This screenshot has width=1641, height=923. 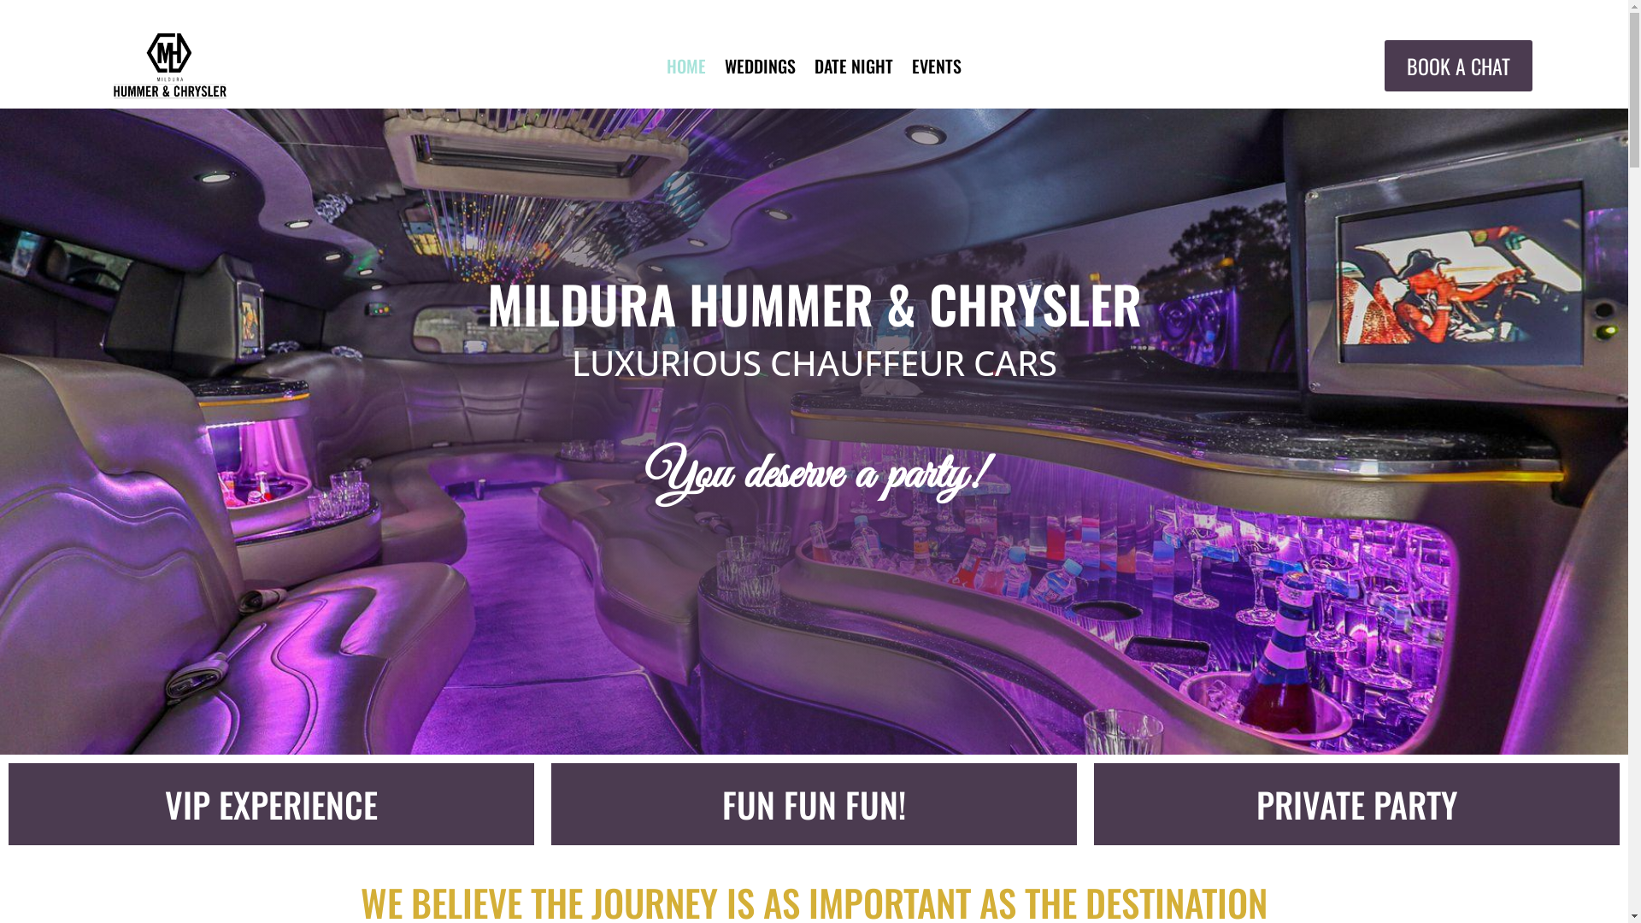 What do you see at coordinates (853, 68) in the screenshot?
I see `'DATE NIGHT'` at bounding box center [853, 68].